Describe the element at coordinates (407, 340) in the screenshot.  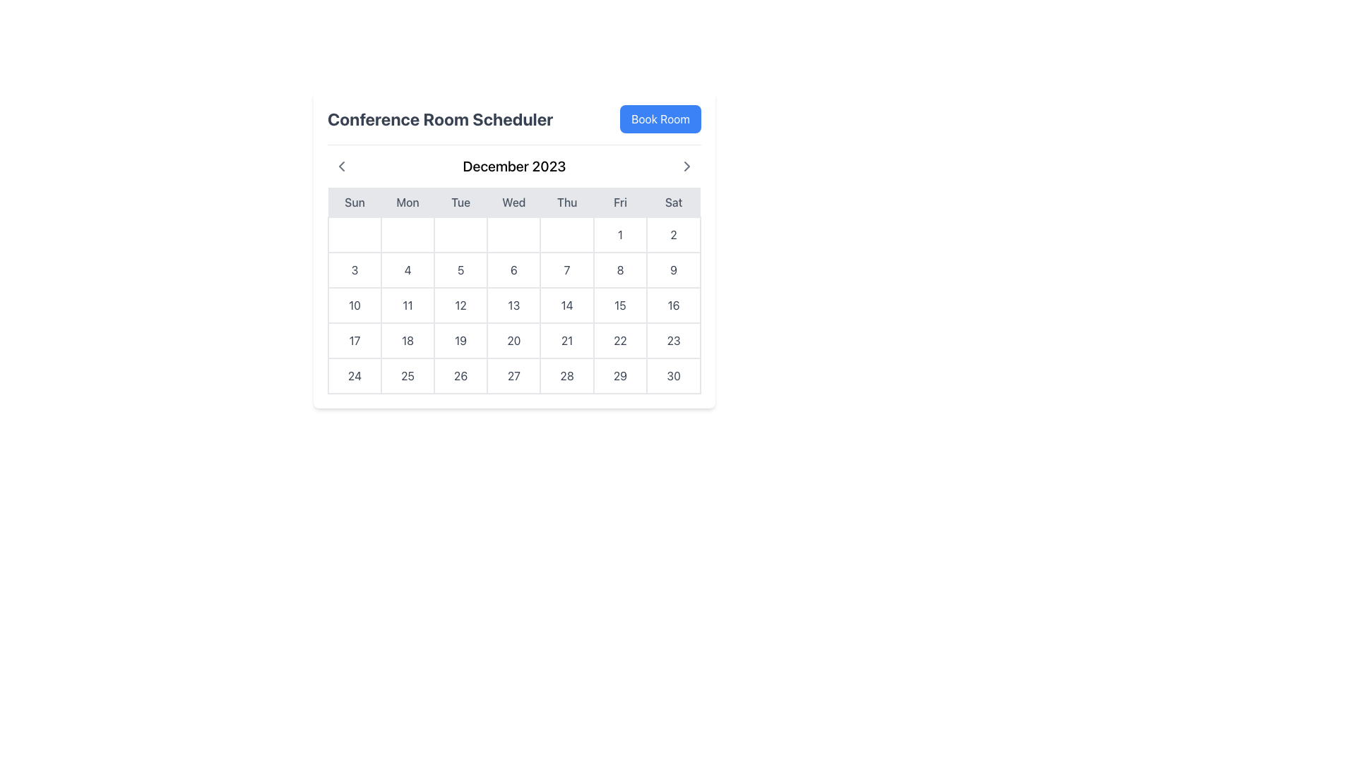
I see `the rounded rectangular button labeled '18' located in the calendar grid under 'December 2023'` at that location.